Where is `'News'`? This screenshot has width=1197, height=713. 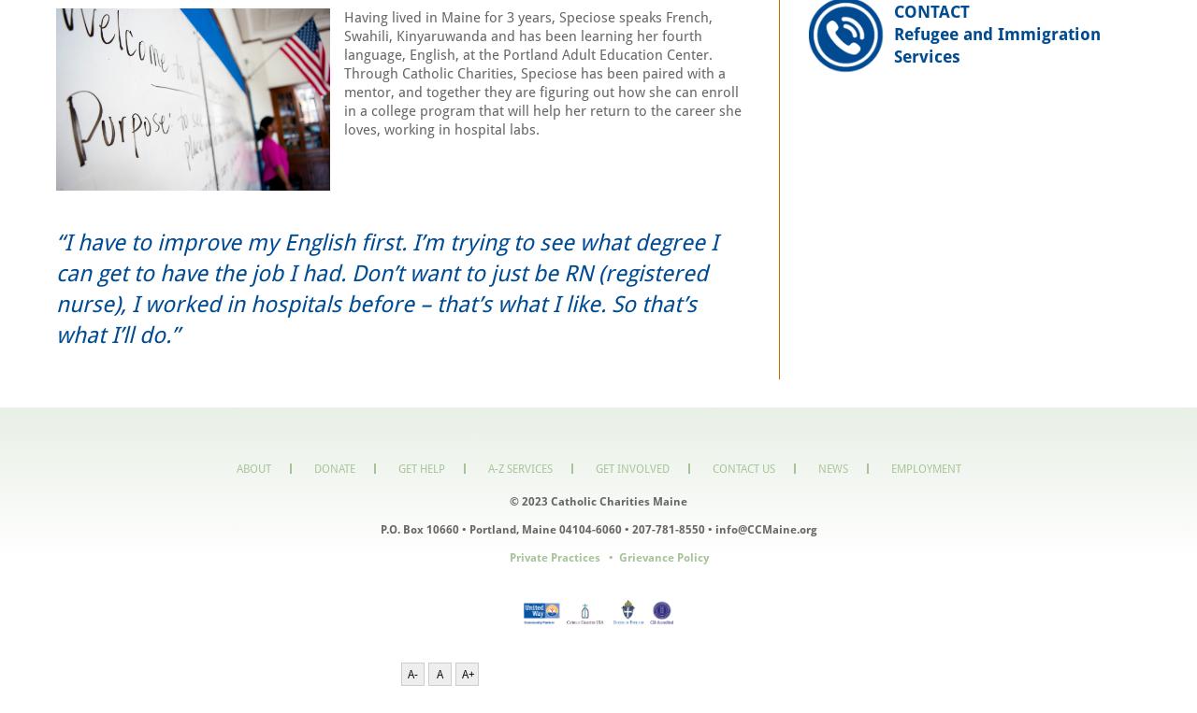 'News' is located at coordinates (830, 467).